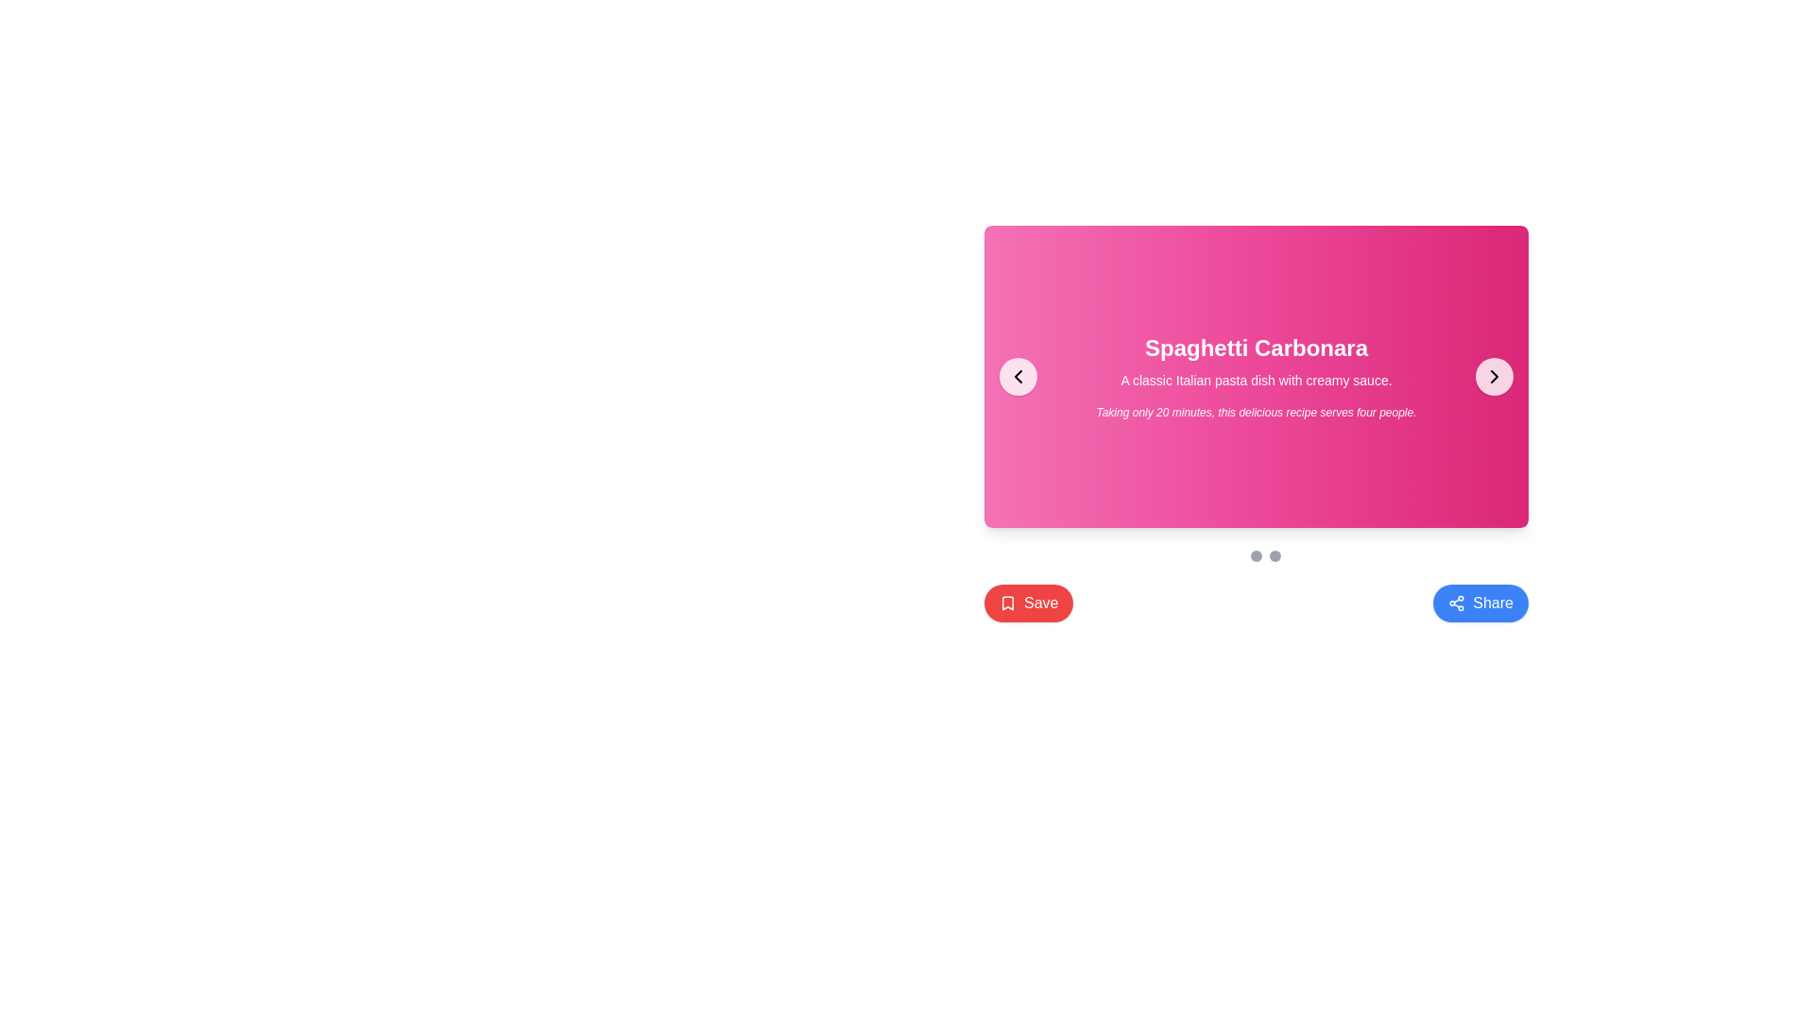  What do you see at coordinates (1018, 376) in the screenshot?
I see `the left-facing chevron icon located within the circular button on the left side of the pink rectangular card` at bounding box center [1018, 376].